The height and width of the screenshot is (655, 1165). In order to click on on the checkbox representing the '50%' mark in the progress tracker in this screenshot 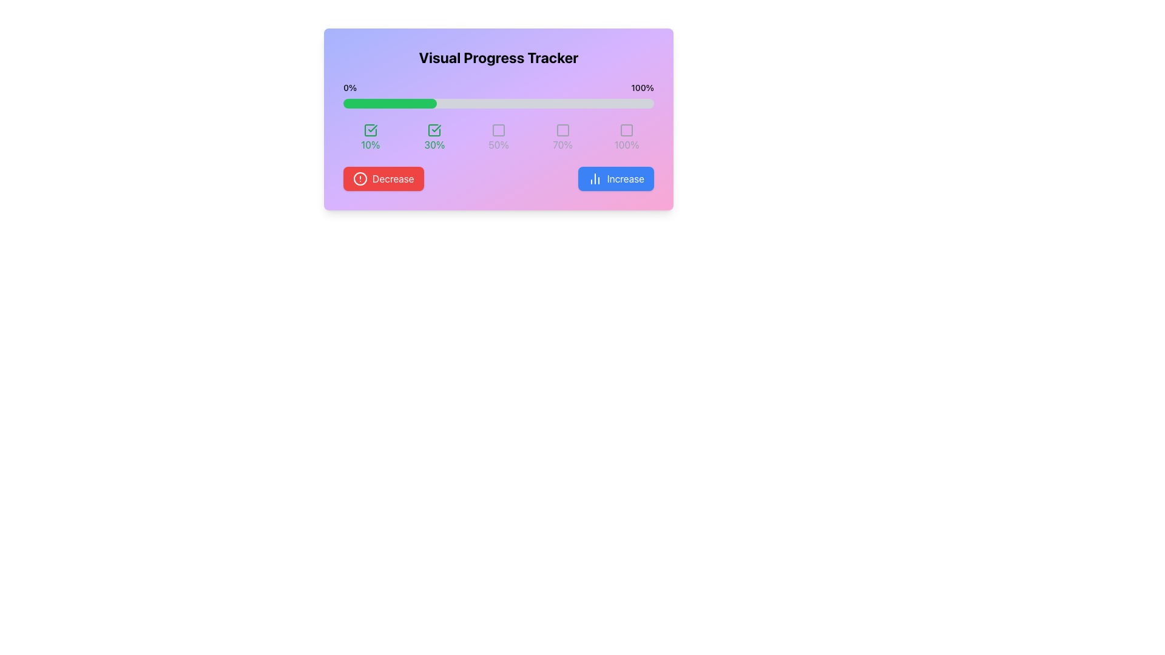, I will do `click(498, 130)`.